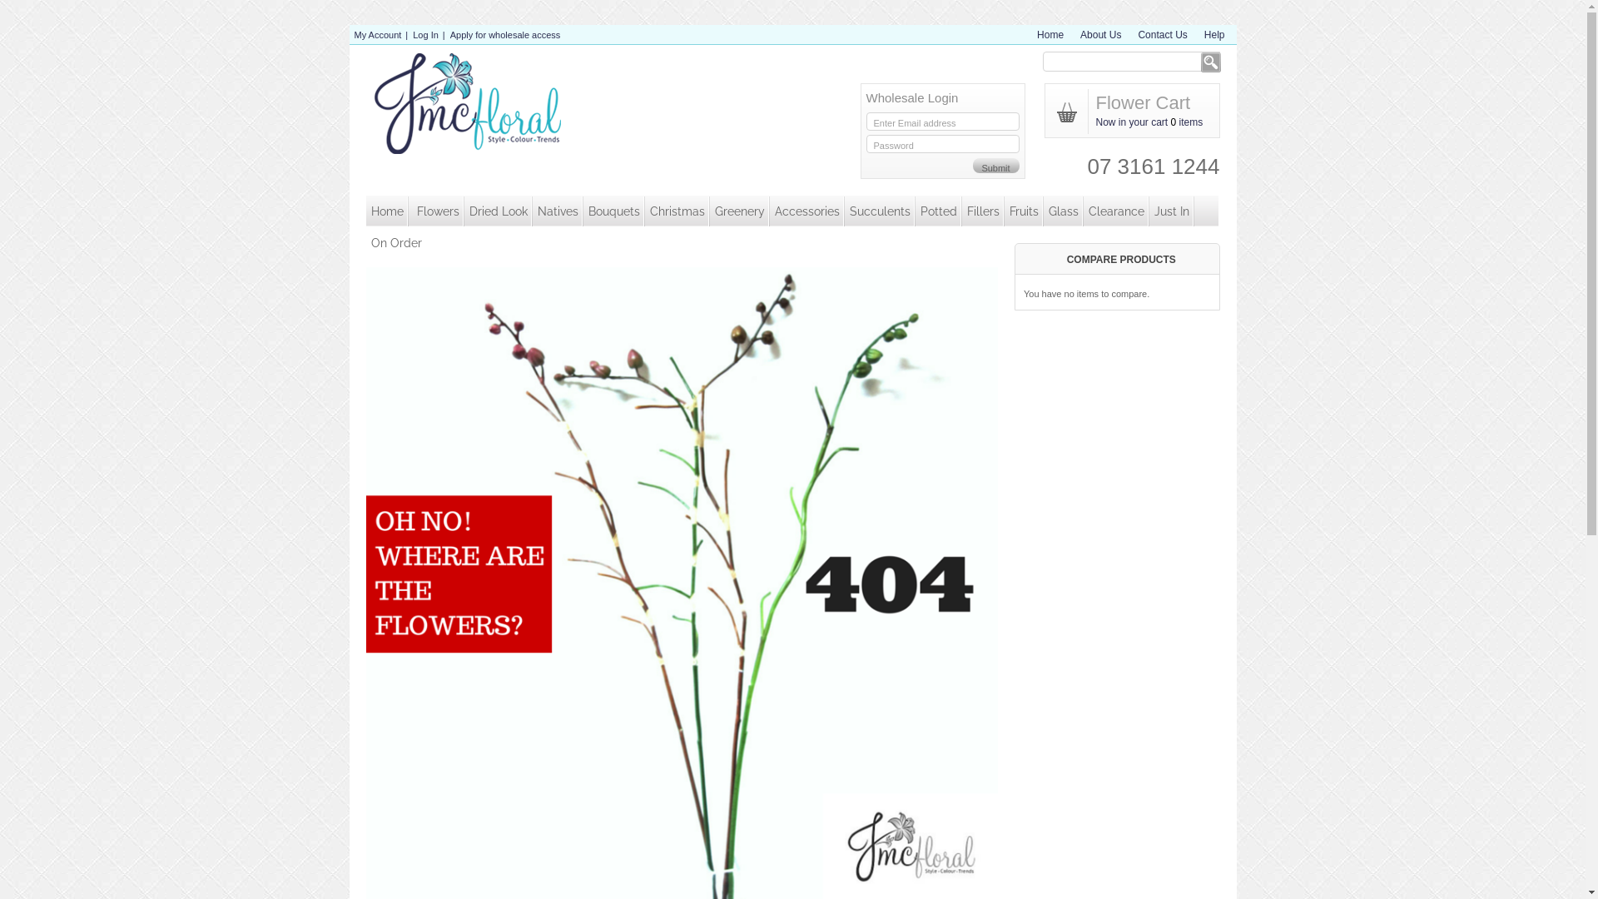  Describe the element at coordinates (1062, 211) in the screenshot. I see `'Glass'` at that location.